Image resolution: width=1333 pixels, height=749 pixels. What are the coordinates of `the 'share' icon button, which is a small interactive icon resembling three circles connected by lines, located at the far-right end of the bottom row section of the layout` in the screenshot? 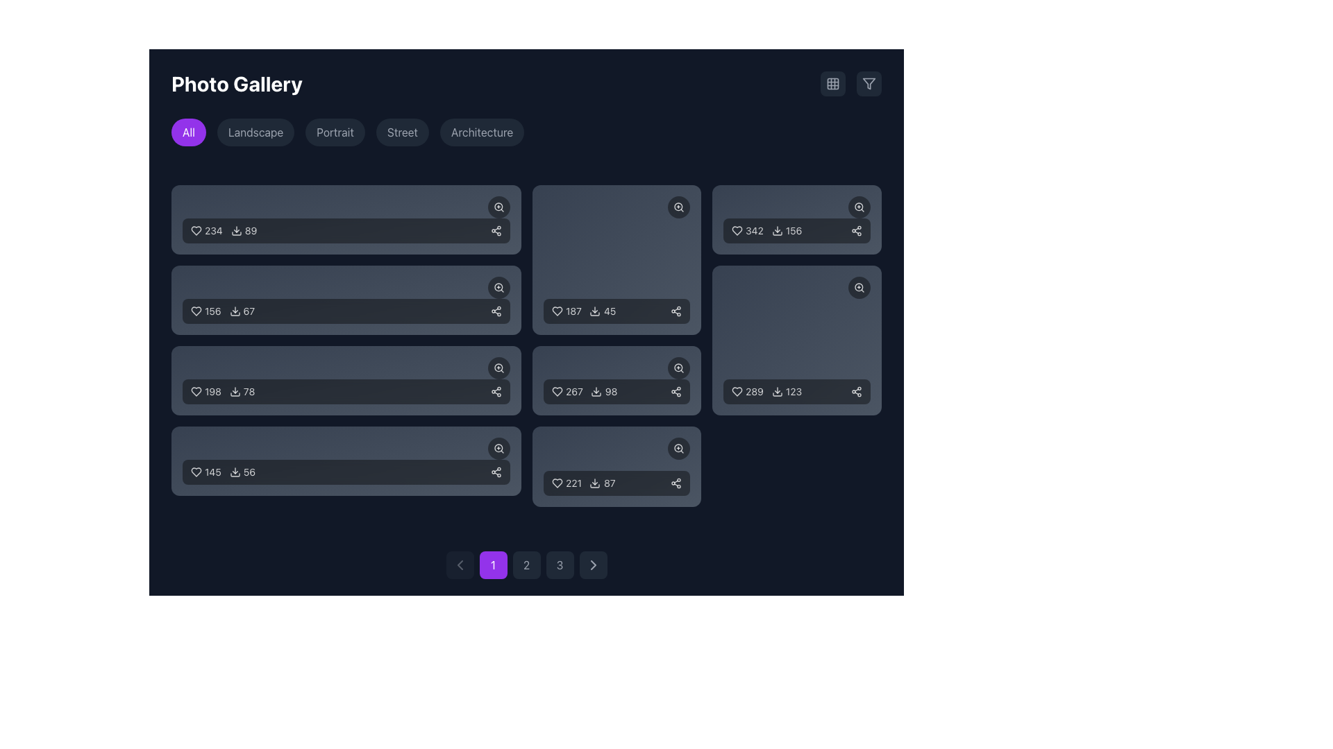 It's located at (496, 472).